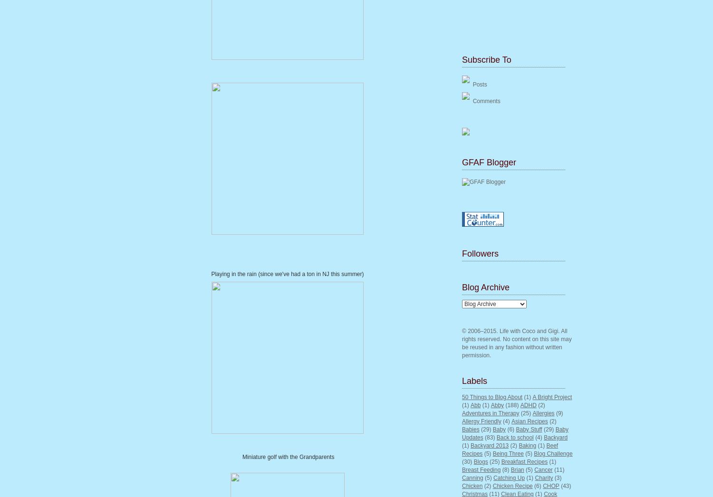  What do you see at coordinates (481, 461) in the screenshot?
I see `'Blogs'` at bounding box center [481, 461].